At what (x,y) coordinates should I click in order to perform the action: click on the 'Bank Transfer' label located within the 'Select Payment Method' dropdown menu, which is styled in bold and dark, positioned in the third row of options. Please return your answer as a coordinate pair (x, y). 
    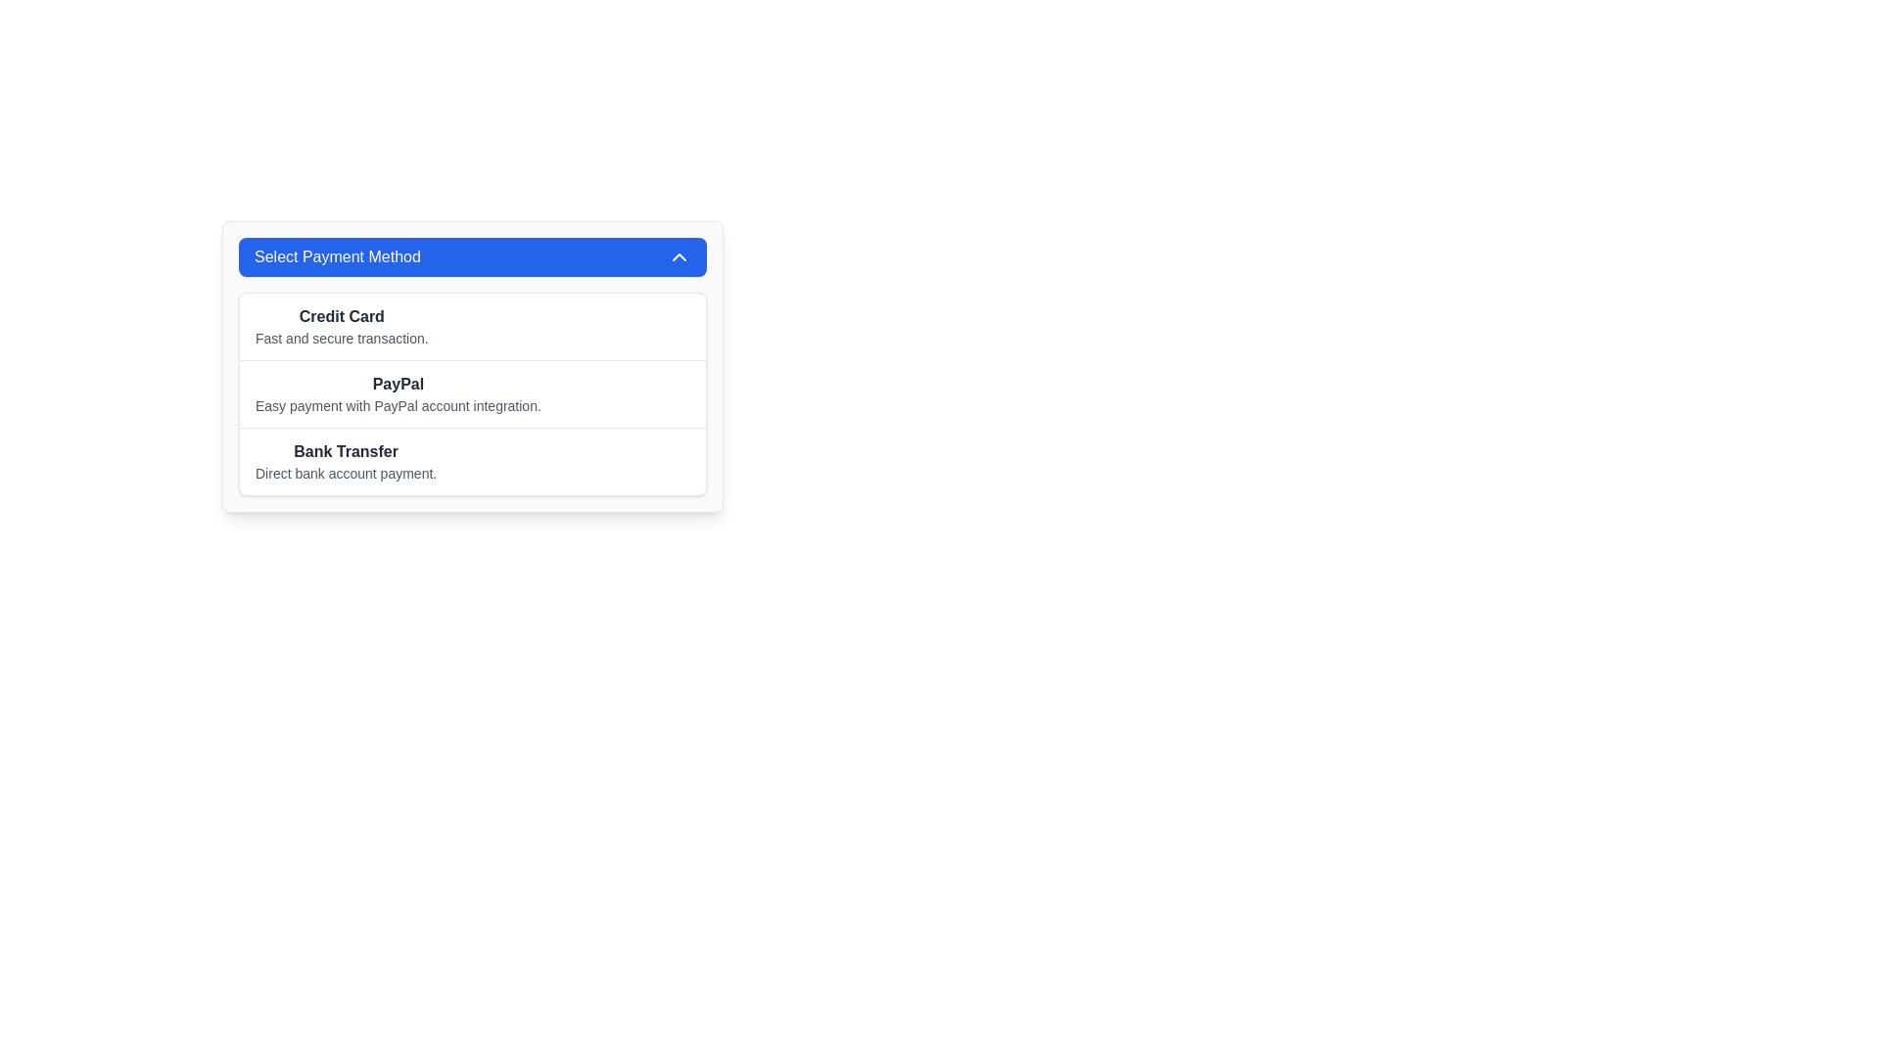
    Looking at the image, I should click on (346, 451).